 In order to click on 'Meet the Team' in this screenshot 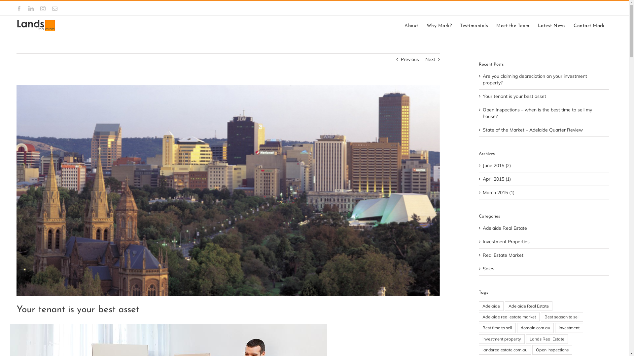, I will do `click(512, 25)`.